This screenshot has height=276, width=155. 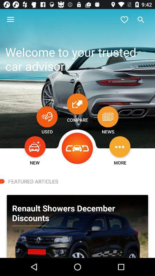 I want to click on more options, so click(x=119, y=146).